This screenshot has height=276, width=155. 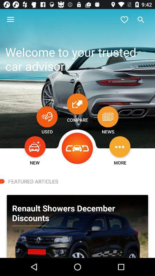 I want to click on more options, so click(x=119, y=146).